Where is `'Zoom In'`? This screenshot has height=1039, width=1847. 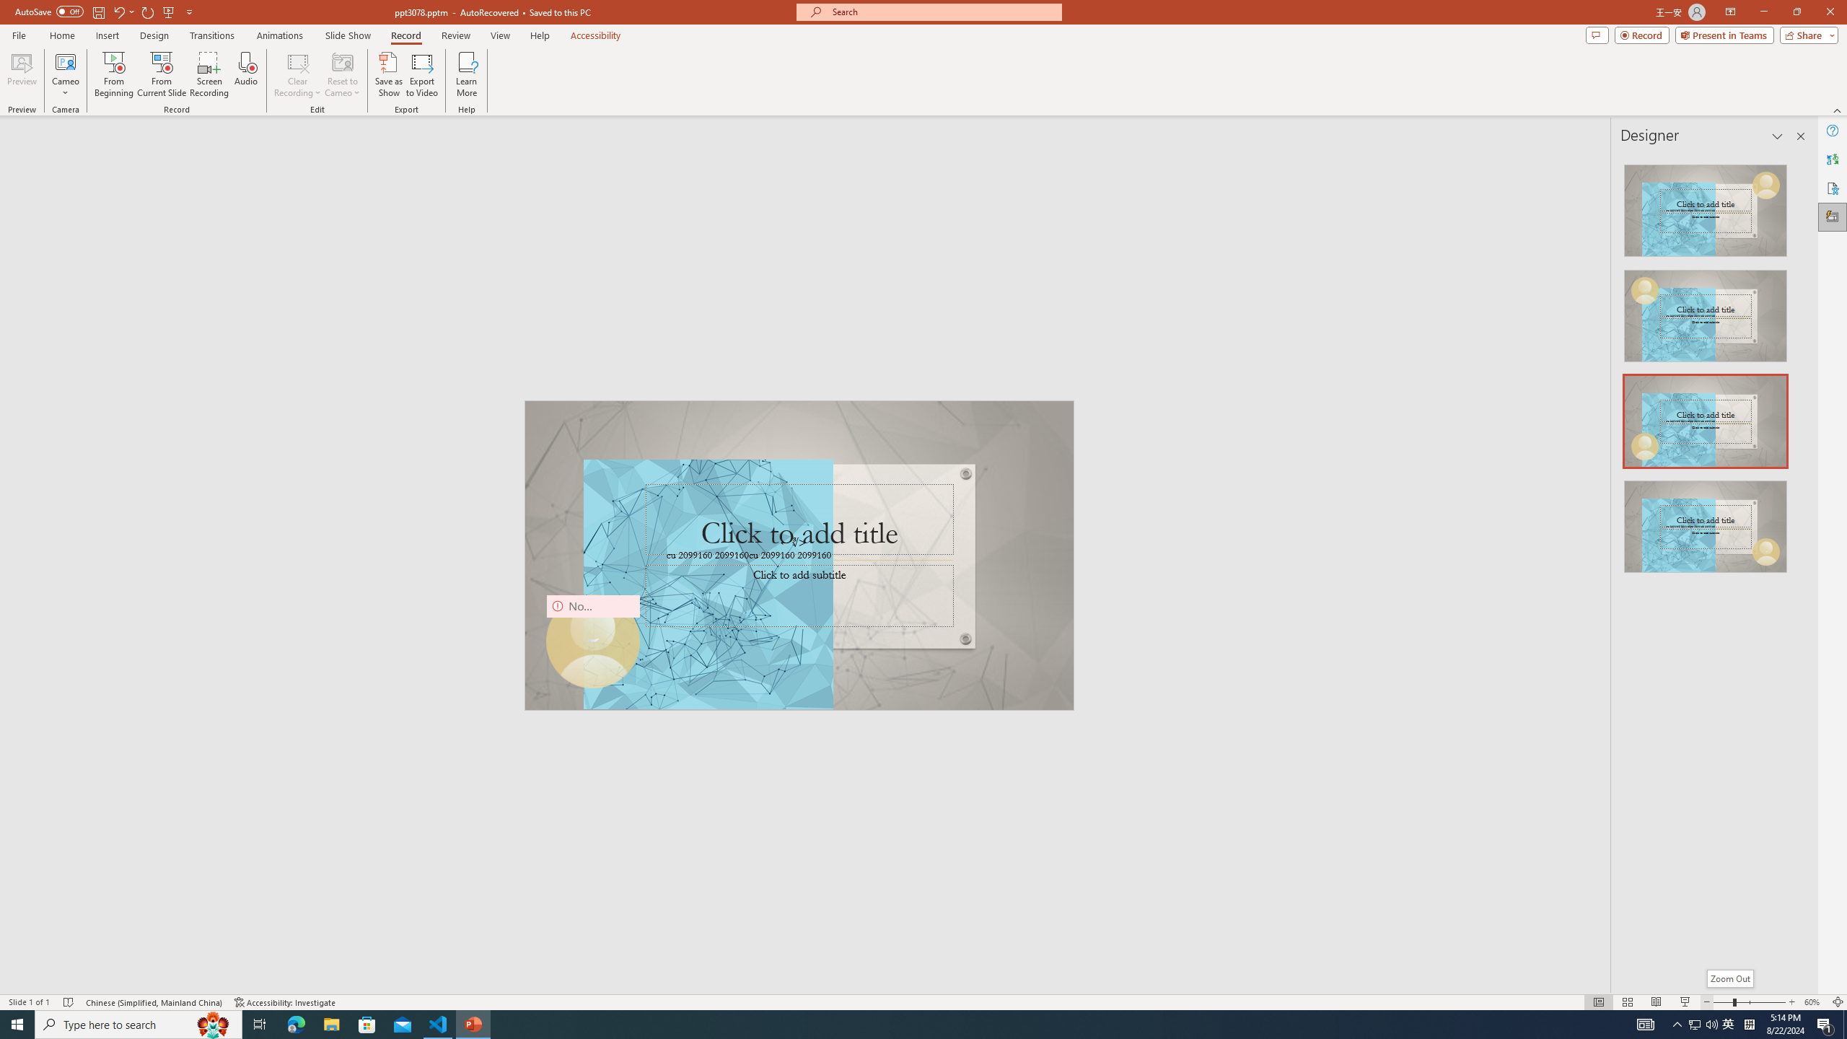 'Zoom In' is located at coordinates (1791, 1002).